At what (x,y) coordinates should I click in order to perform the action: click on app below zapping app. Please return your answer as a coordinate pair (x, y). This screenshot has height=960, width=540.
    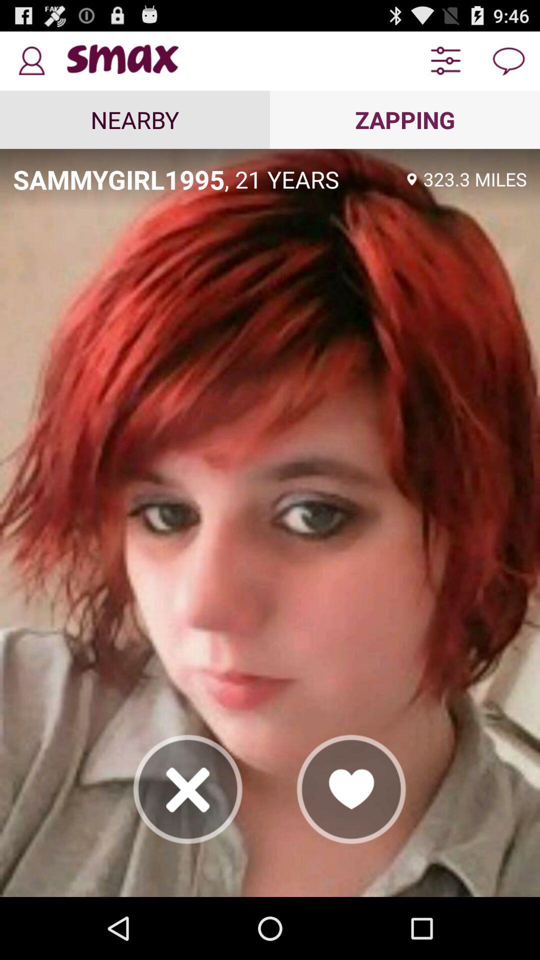
    Looking at the image, I should click on (474, 179).